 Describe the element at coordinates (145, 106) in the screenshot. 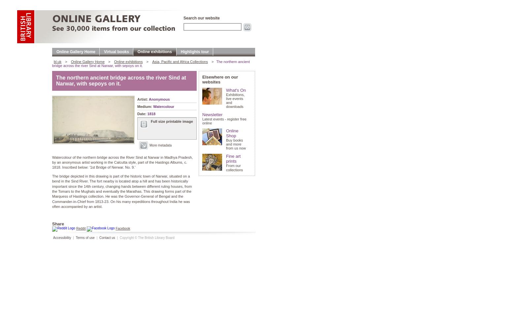

I see `'Medium:'` at that location.